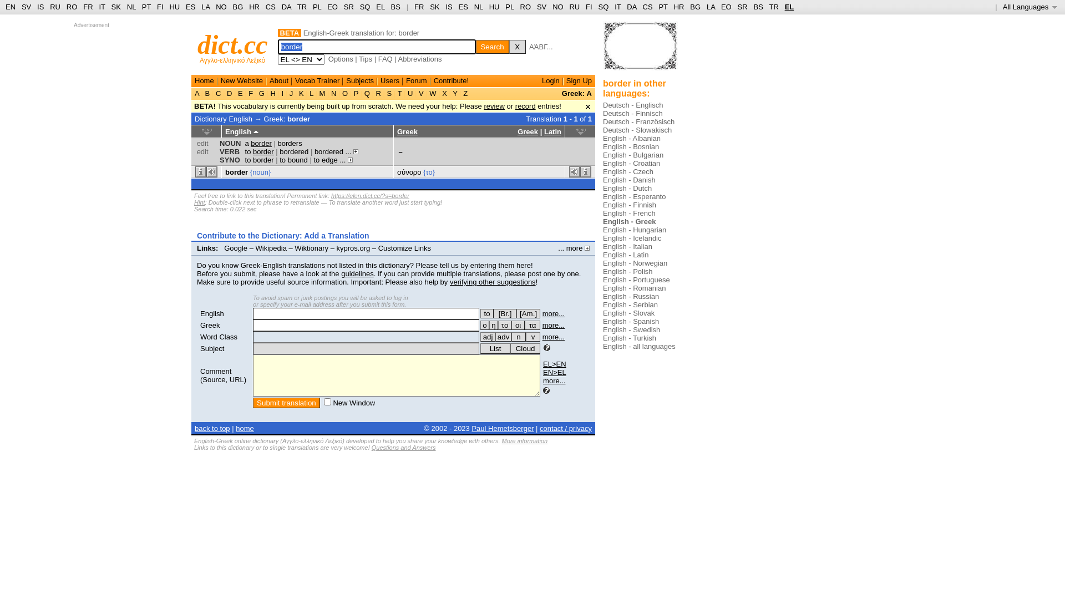 This screenshot has height=599, width=1065. I want to click on 'Contribute!', so click(452, 80).